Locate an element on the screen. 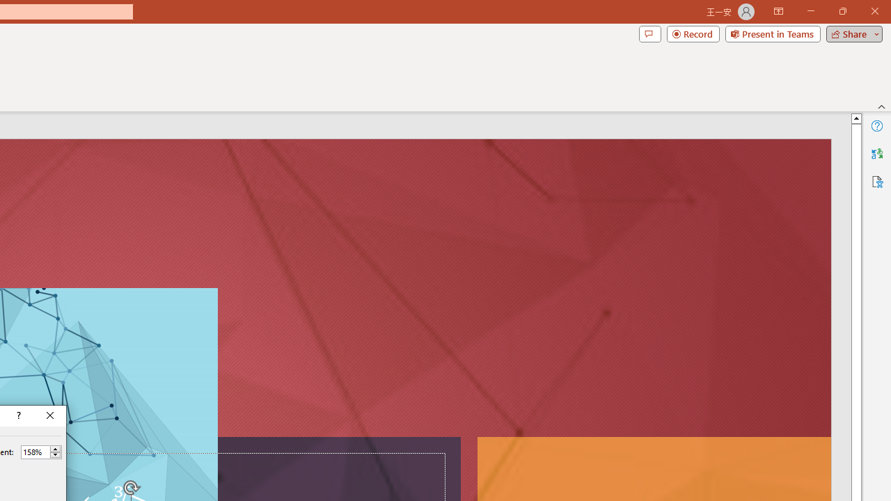 This screenshot has width=891, height=501. 'Percent' is located at coordinates (41, 452).